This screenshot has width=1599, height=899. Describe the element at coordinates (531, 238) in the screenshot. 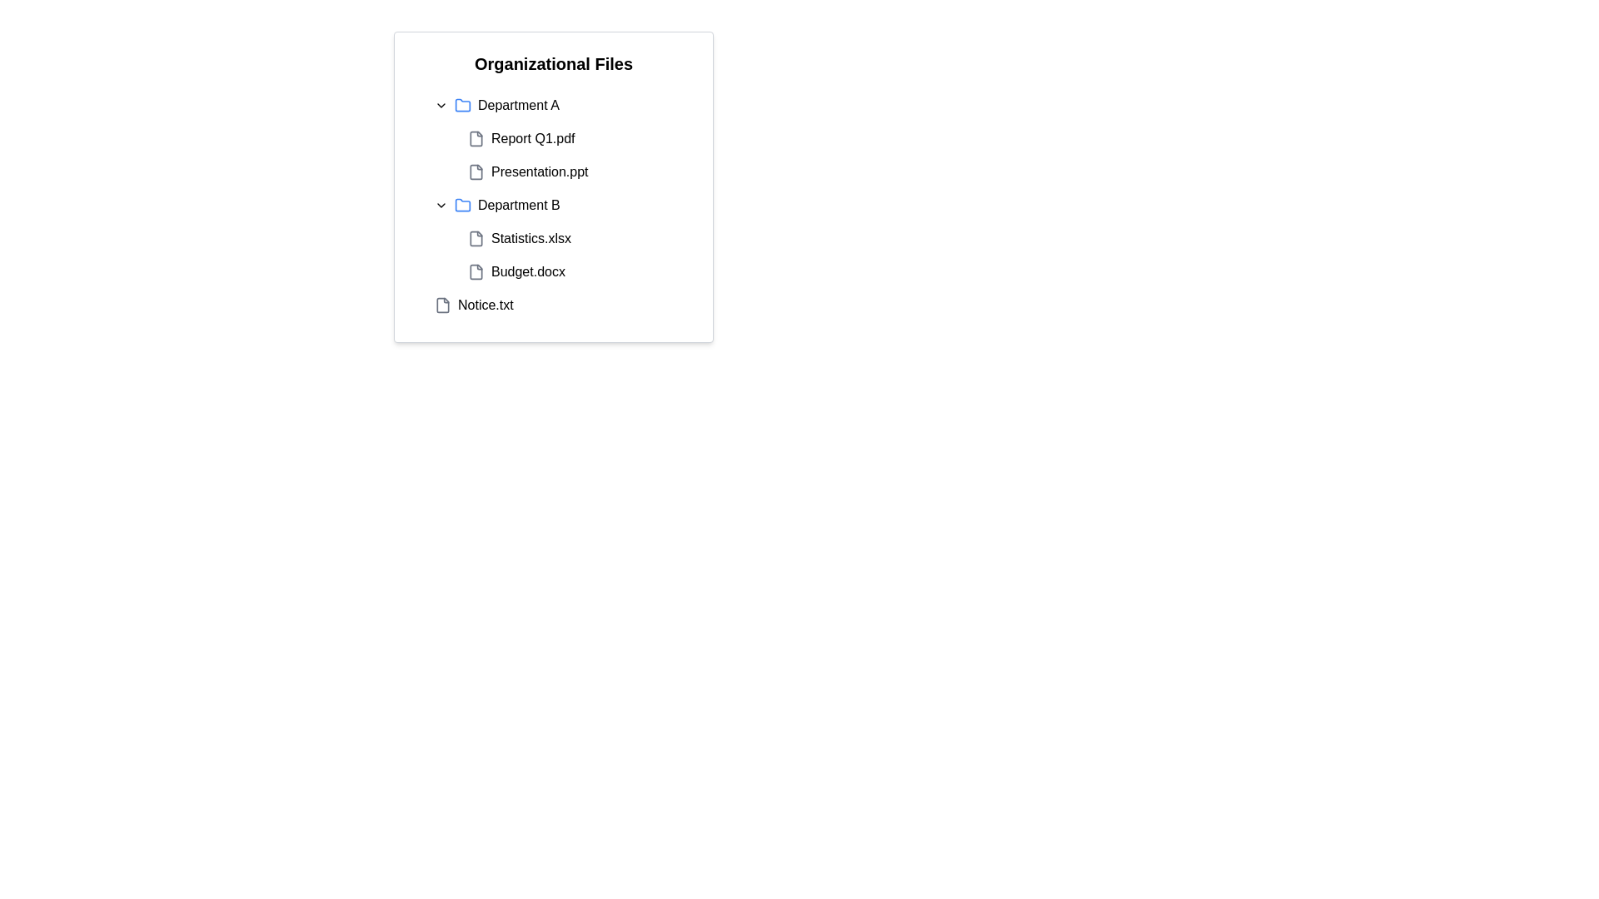

I see `the Text label that serves as a file identifier under the 'Department B' subsection` at that location.